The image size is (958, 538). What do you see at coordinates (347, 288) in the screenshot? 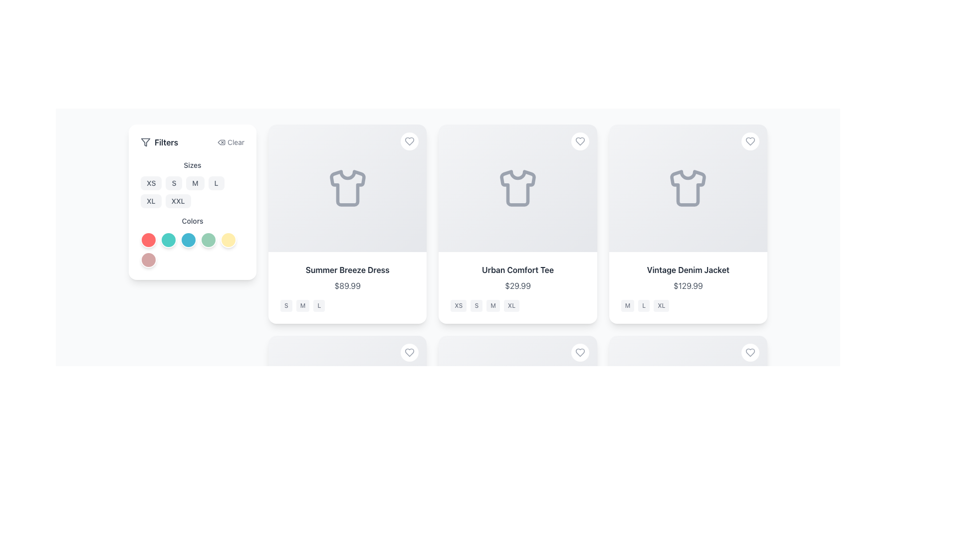
I see `the center of the Product Information Display, which shows product details like name, price, and sizes` at bounding box center [347, 288].